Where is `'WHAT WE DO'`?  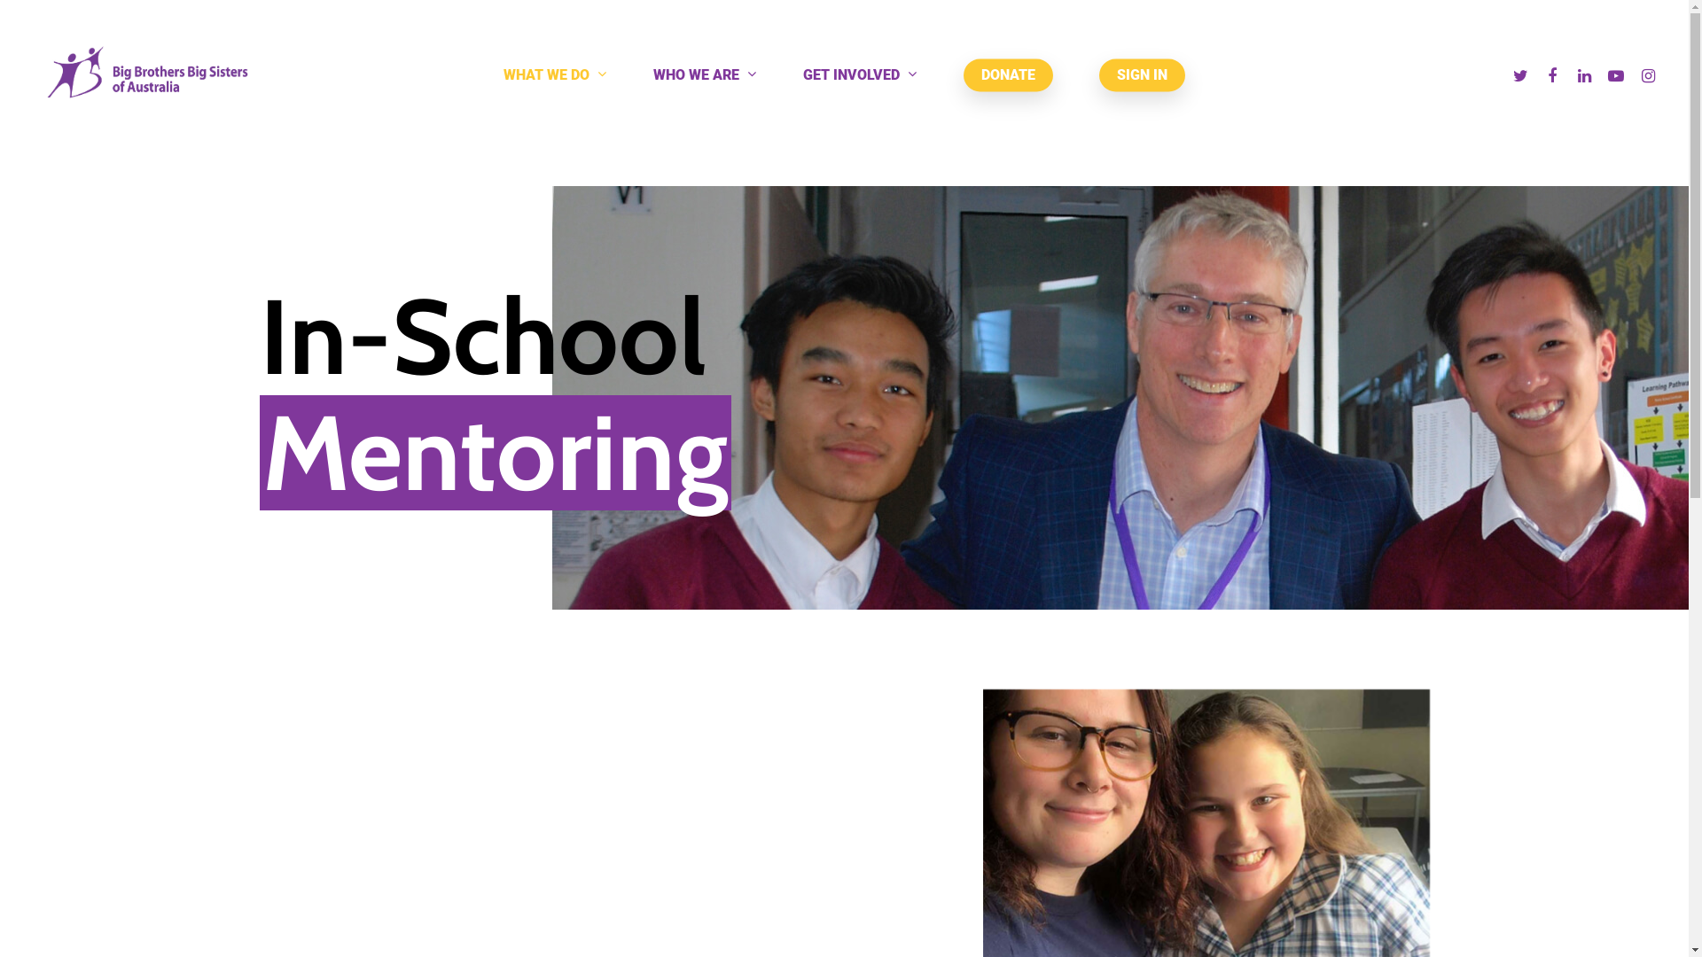
'WHAT WE DO' is located at coordinates (554, 74).